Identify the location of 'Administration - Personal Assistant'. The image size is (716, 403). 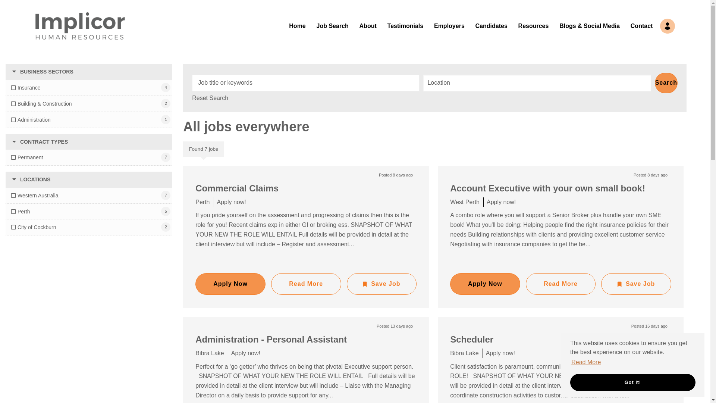
(270, 339).